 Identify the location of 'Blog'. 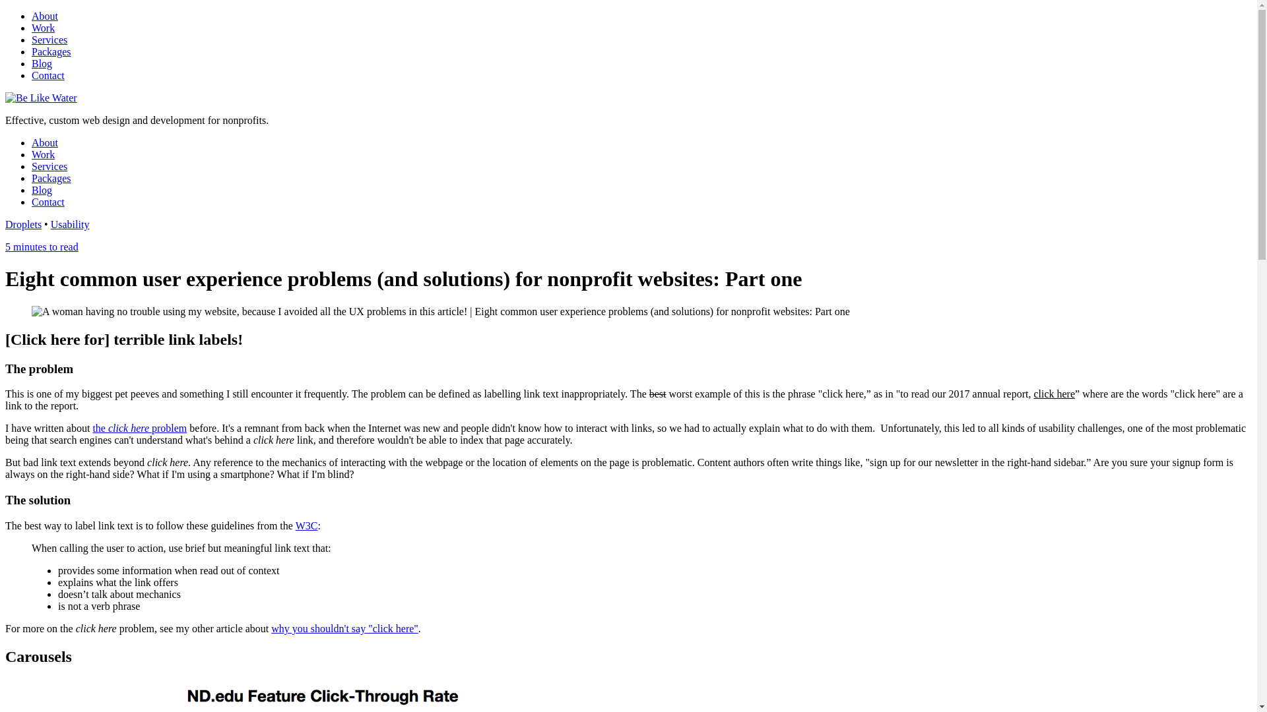
(42, 190).